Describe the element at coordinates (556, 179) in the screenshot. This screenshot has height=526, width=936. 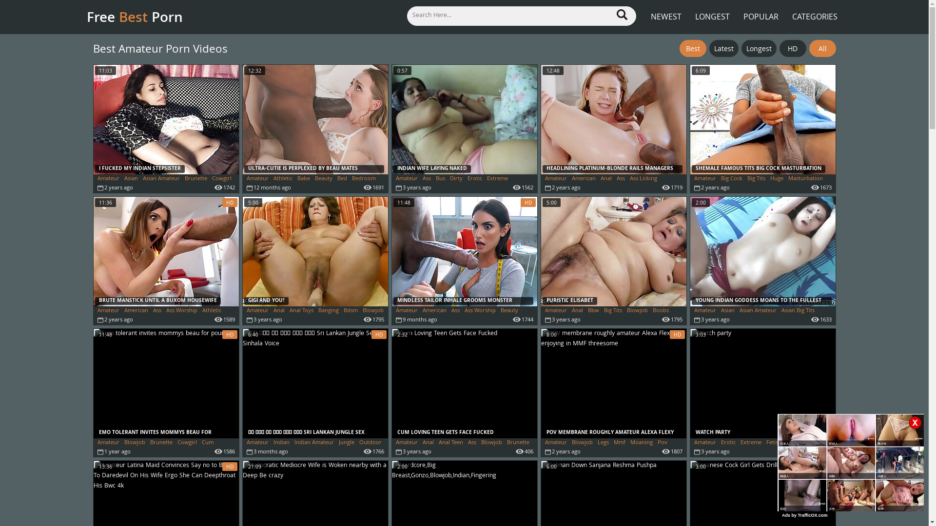
I see `'Amateur'` at that location.